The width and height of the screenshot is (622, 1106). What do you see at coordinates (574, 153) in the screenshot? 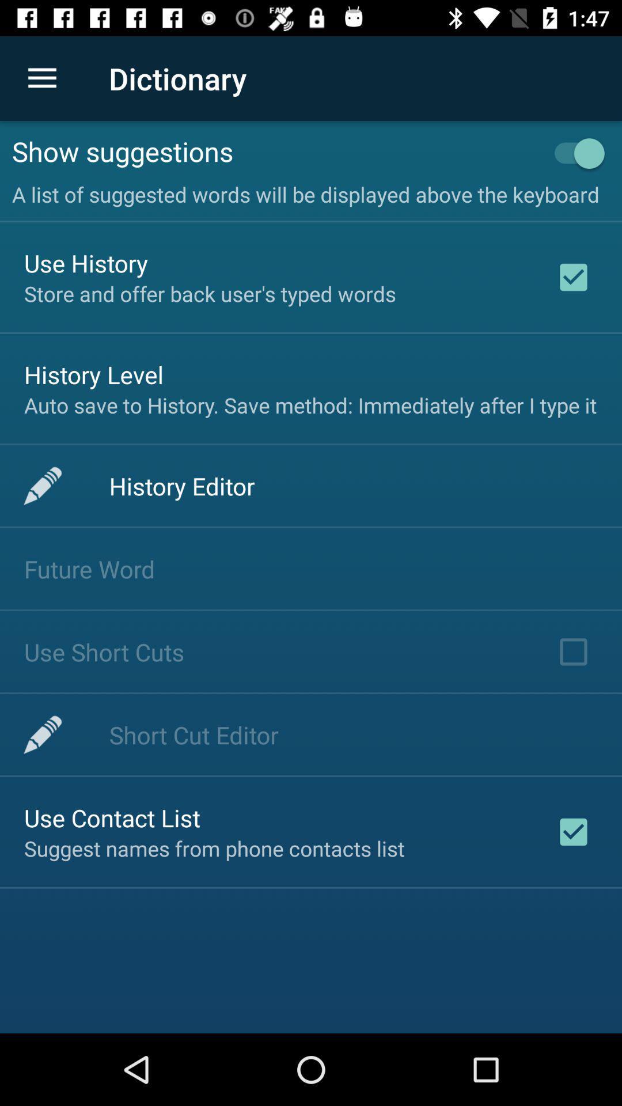
I see `the item to the right of show suggestions icon` at bounding box center [574, 153].